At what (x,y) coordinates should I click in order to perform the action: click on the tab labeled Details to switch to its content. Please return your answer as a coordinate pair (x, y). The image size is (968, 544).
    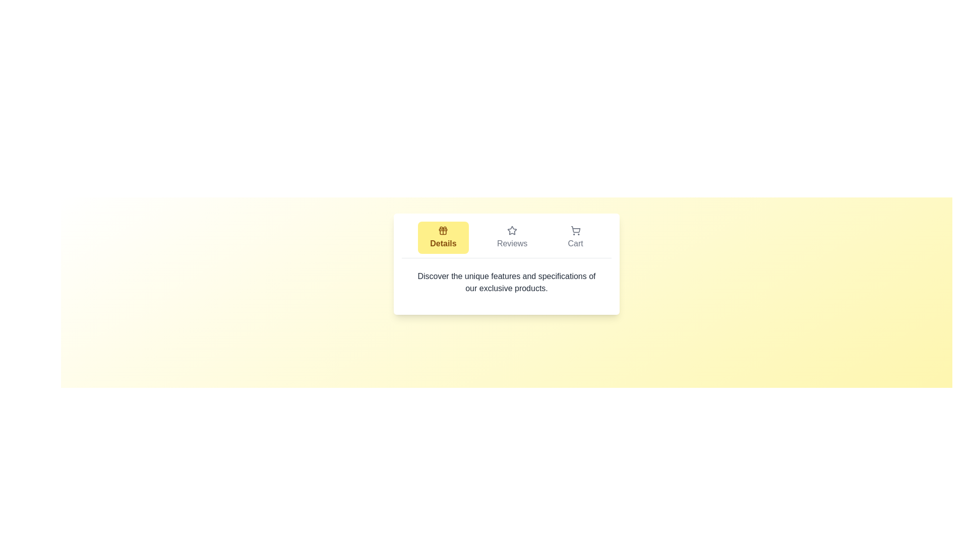
    Looking at the image, I should click on (443, 237).